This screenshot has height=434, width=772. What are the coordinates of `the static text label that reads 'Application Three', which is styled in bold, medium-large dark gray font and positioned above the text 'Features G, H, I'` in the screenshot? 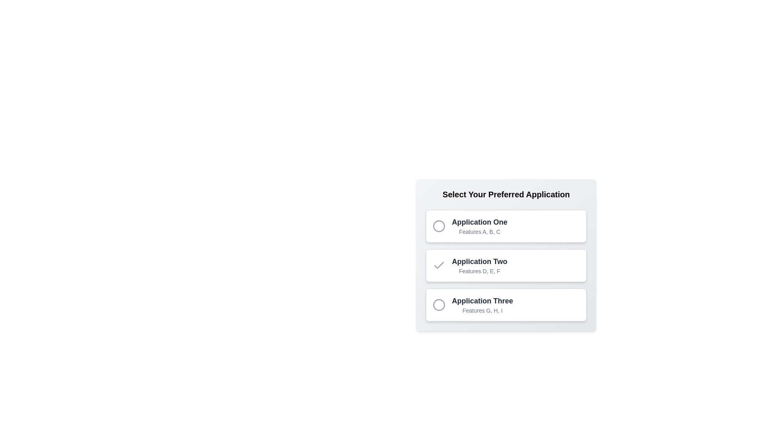 It's located at (482, 301).